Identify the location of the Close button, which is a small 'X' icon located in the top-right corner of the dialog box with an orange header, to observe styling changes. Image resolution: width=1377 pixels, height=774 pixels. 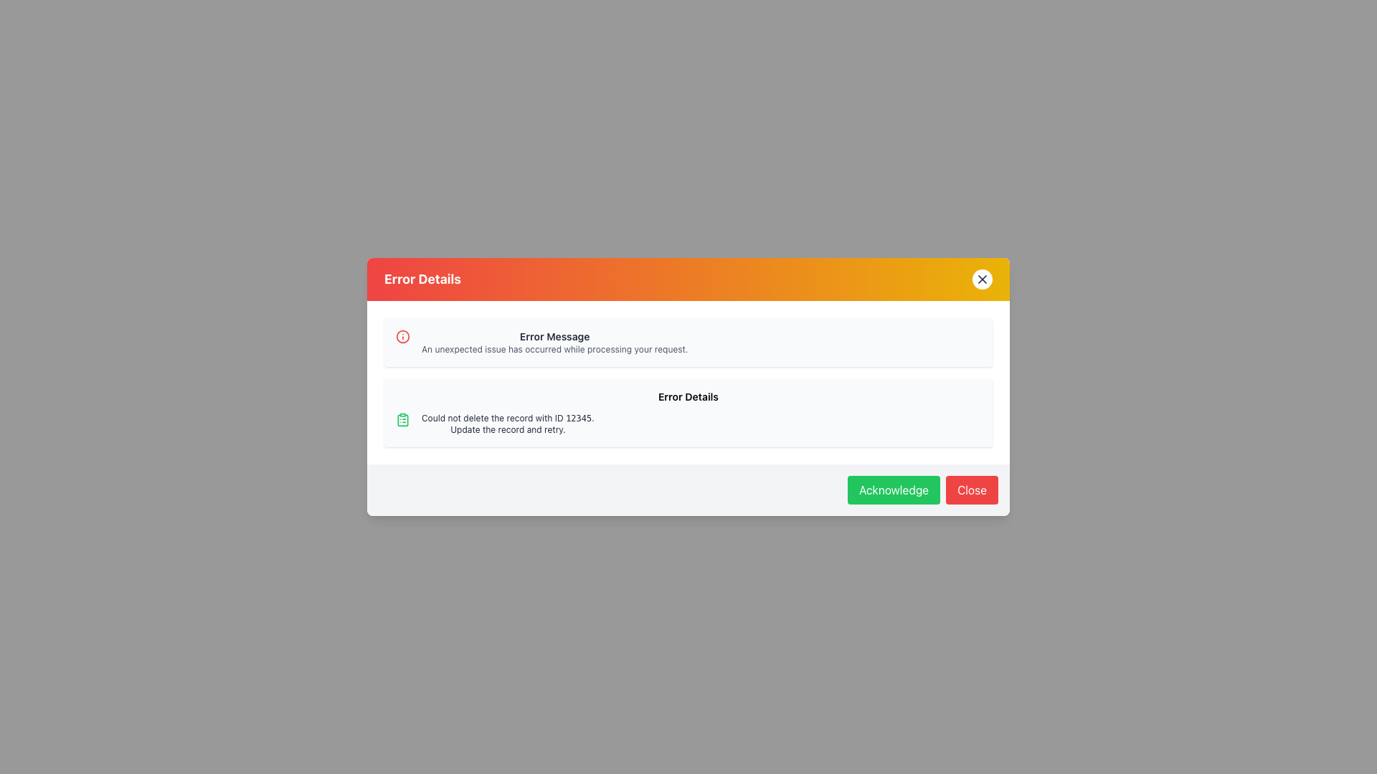
(981, 279).